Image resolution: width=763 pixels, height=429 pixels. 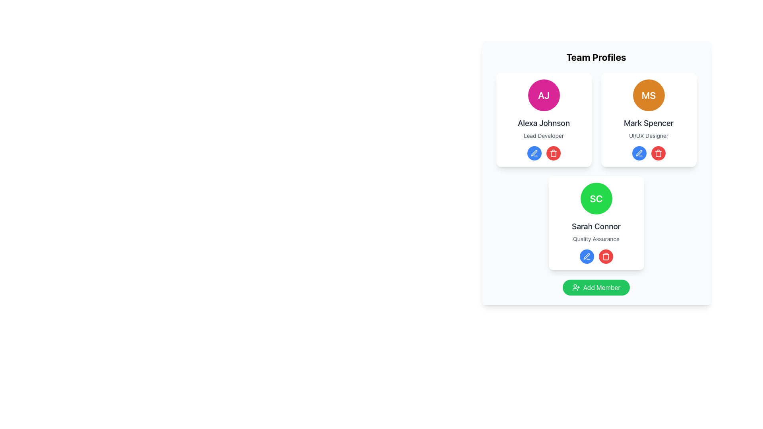 I want to click on the small blue circular pen icon located at the bottom of Sarah Connor's profile card, so click(x=587, y=256).